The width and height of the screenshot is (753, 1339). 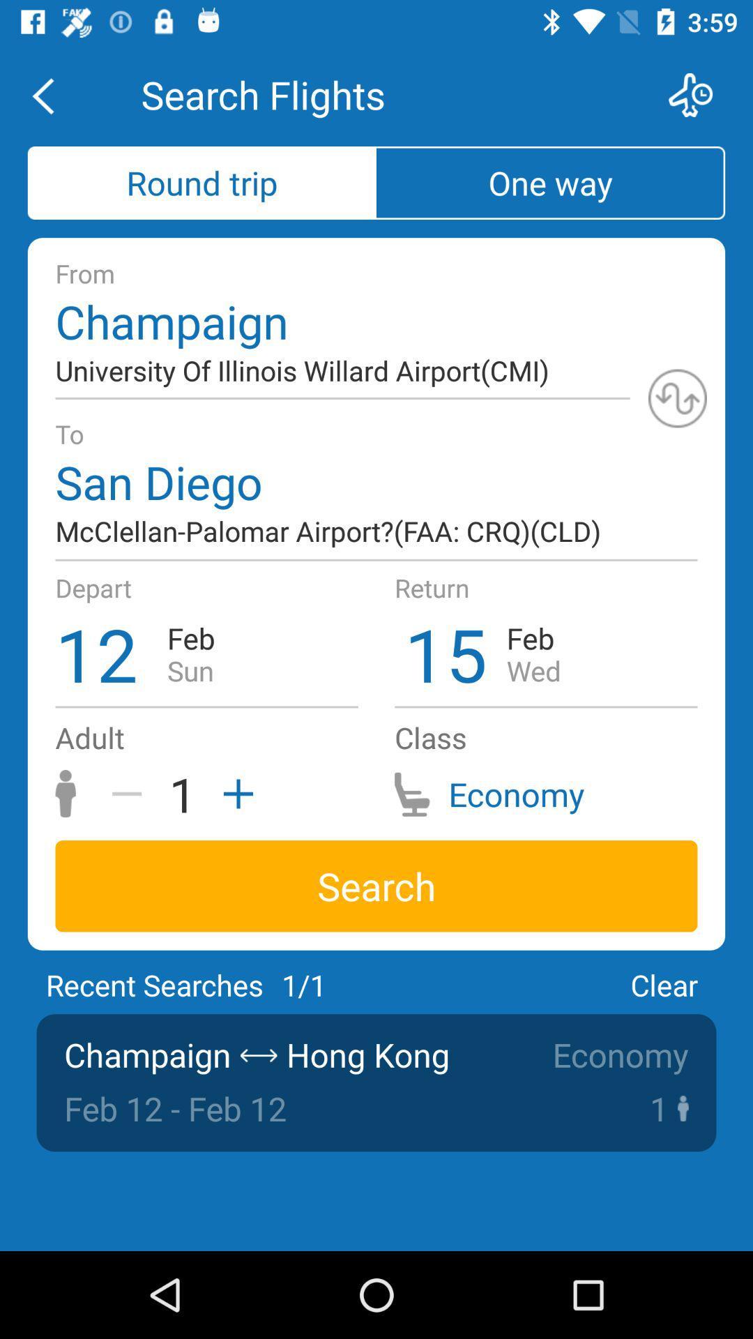 I want to click on the item next to the 1/1, so click(x=663, y=984).